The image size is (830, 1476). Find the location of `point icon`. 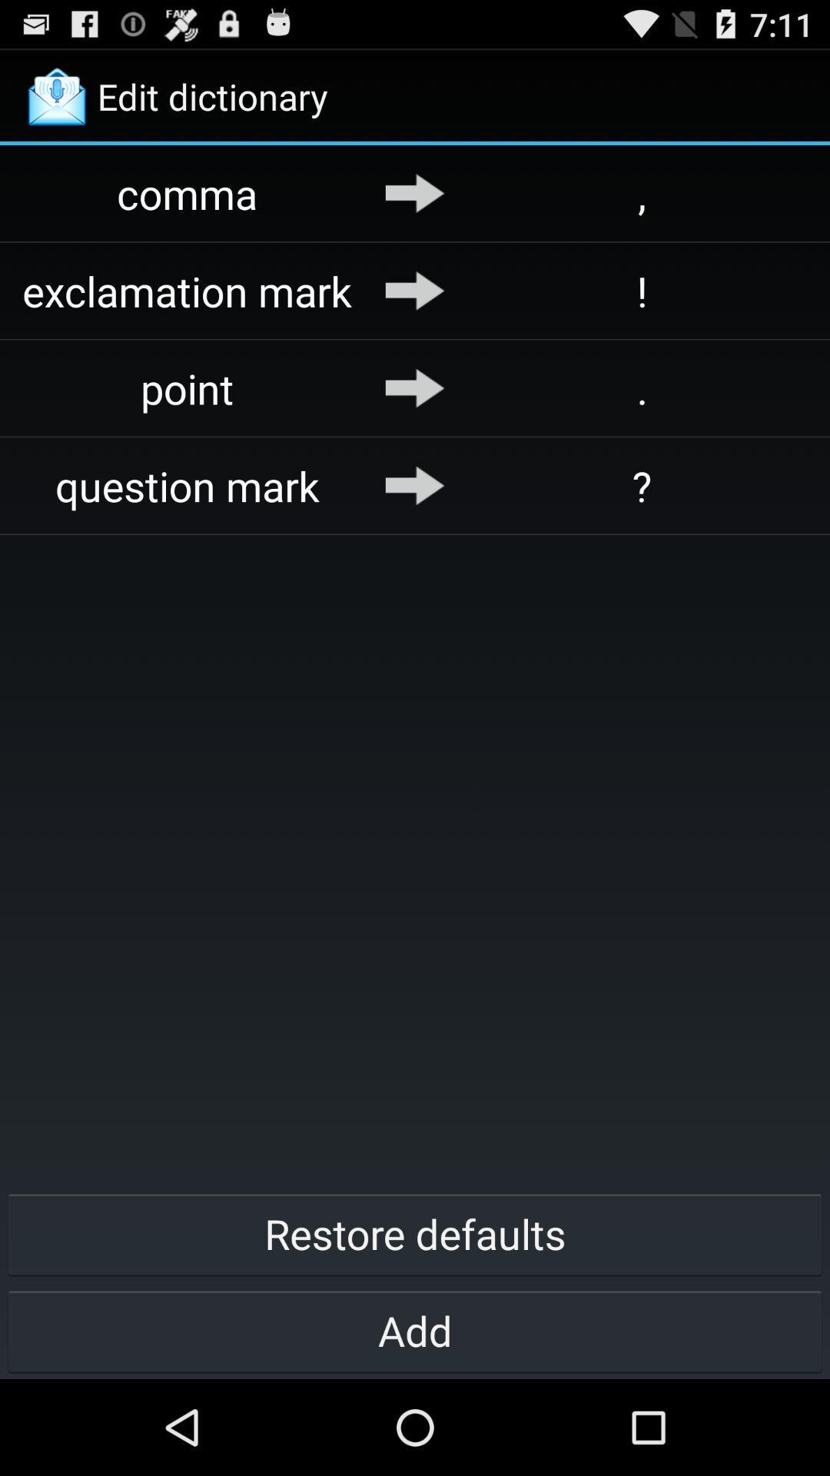

point icon is located at coordinates (187, 388).